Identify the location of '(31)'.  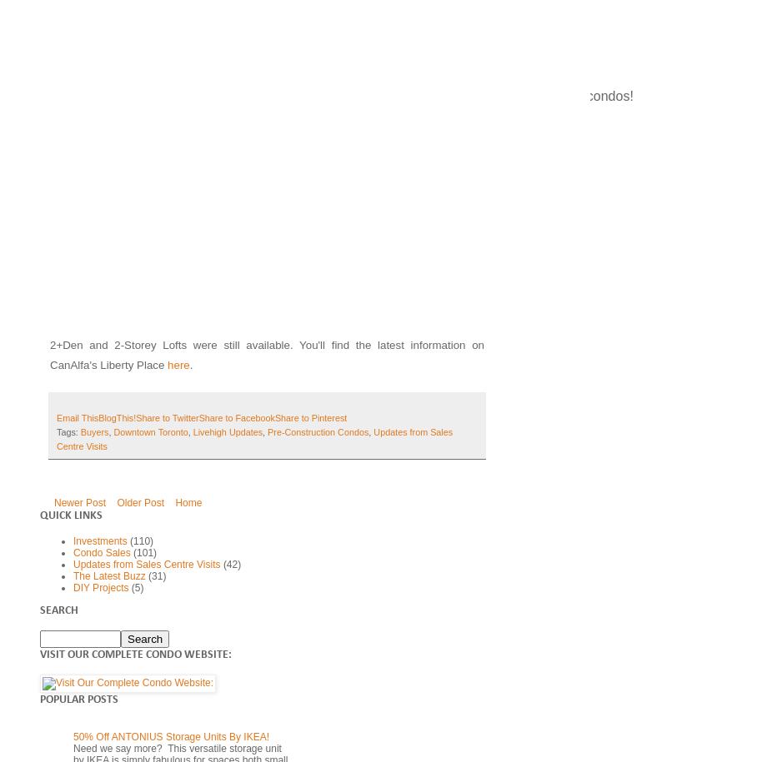
(156, 575).